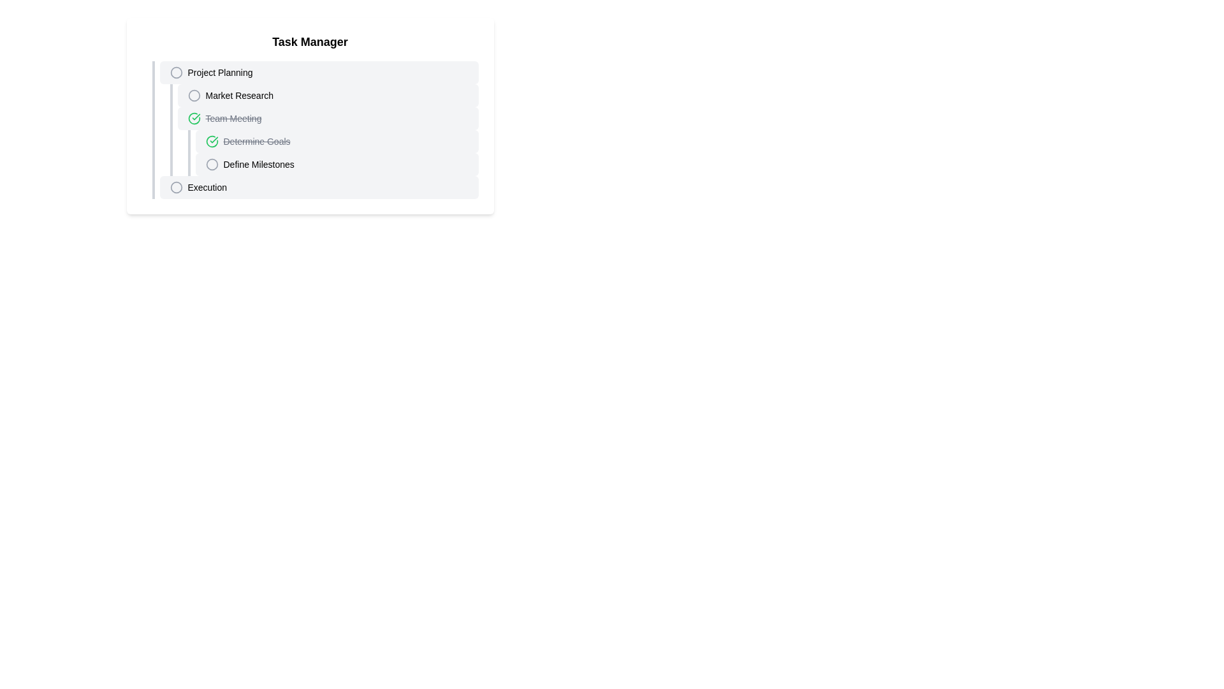  Describe the element at coordinates (337, 164) in the screenshot. I see `the list item labeled 'Define Milestones' in the 'Project Planning' section` at that location.